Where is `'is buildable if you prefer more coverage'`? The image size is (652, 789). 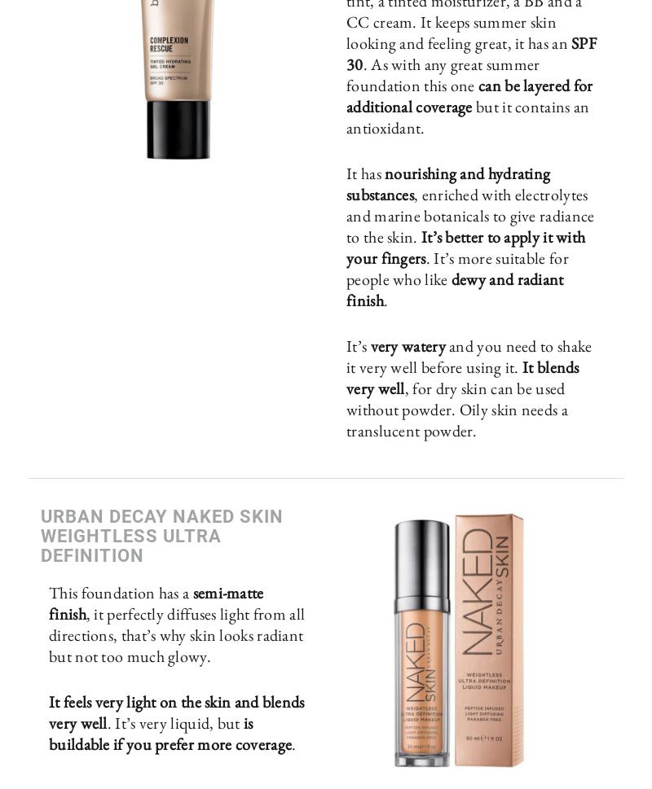
'is buildable if you prefer more coverage' is located at coordinates (170, 733).